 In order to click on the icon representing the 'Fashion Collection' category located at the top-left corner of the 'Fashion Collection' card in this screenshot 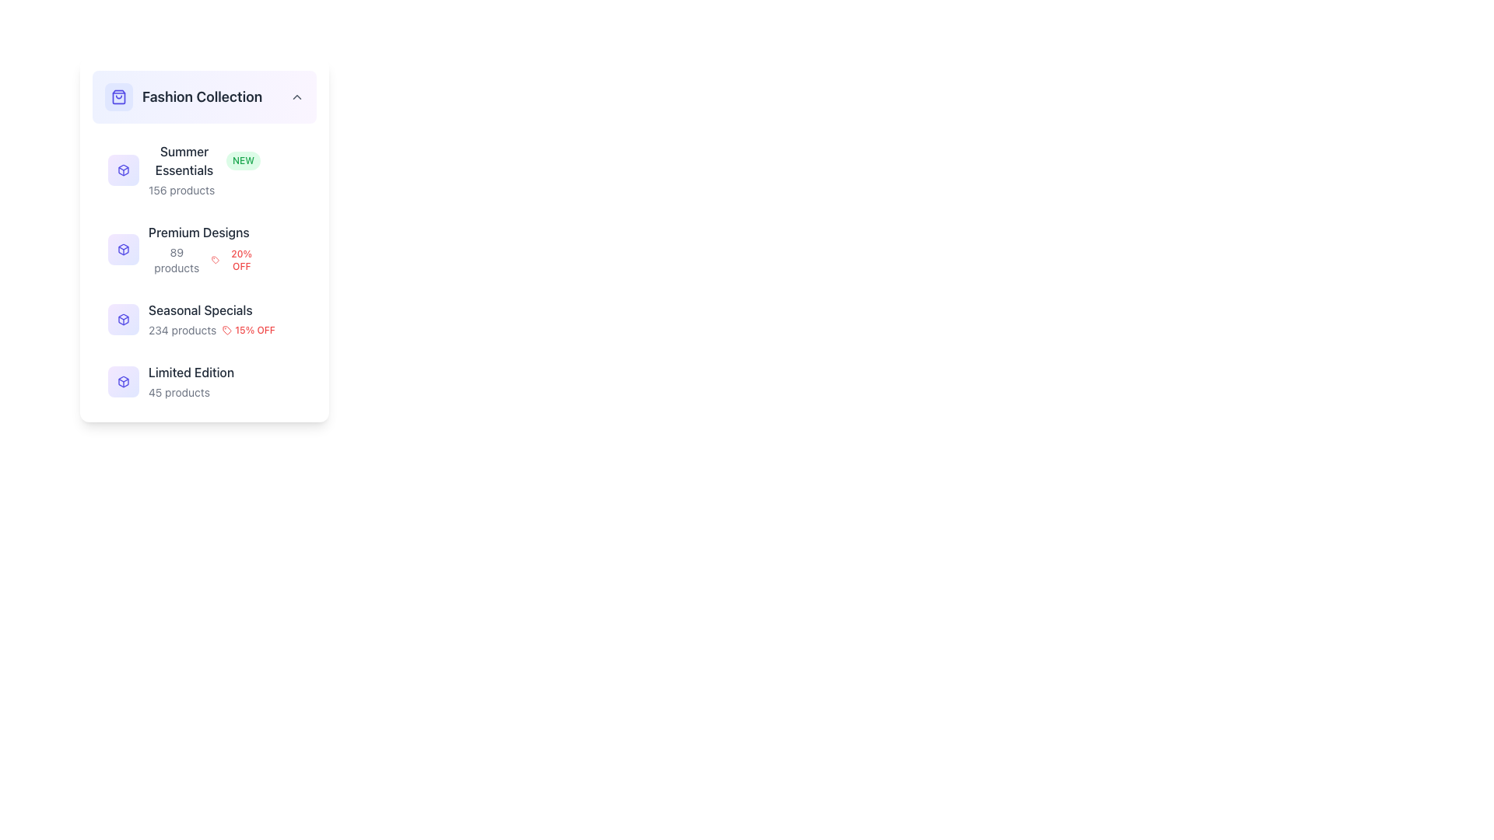, I will do `click(118, 96)`.